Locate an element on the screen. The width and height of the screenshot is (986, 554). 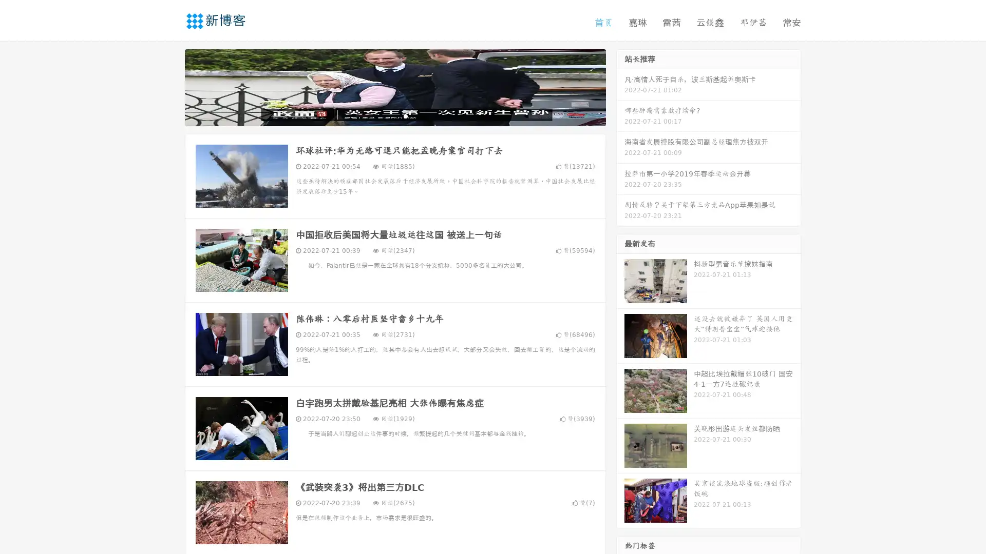
Next slide is located at coordinates (620, 86).